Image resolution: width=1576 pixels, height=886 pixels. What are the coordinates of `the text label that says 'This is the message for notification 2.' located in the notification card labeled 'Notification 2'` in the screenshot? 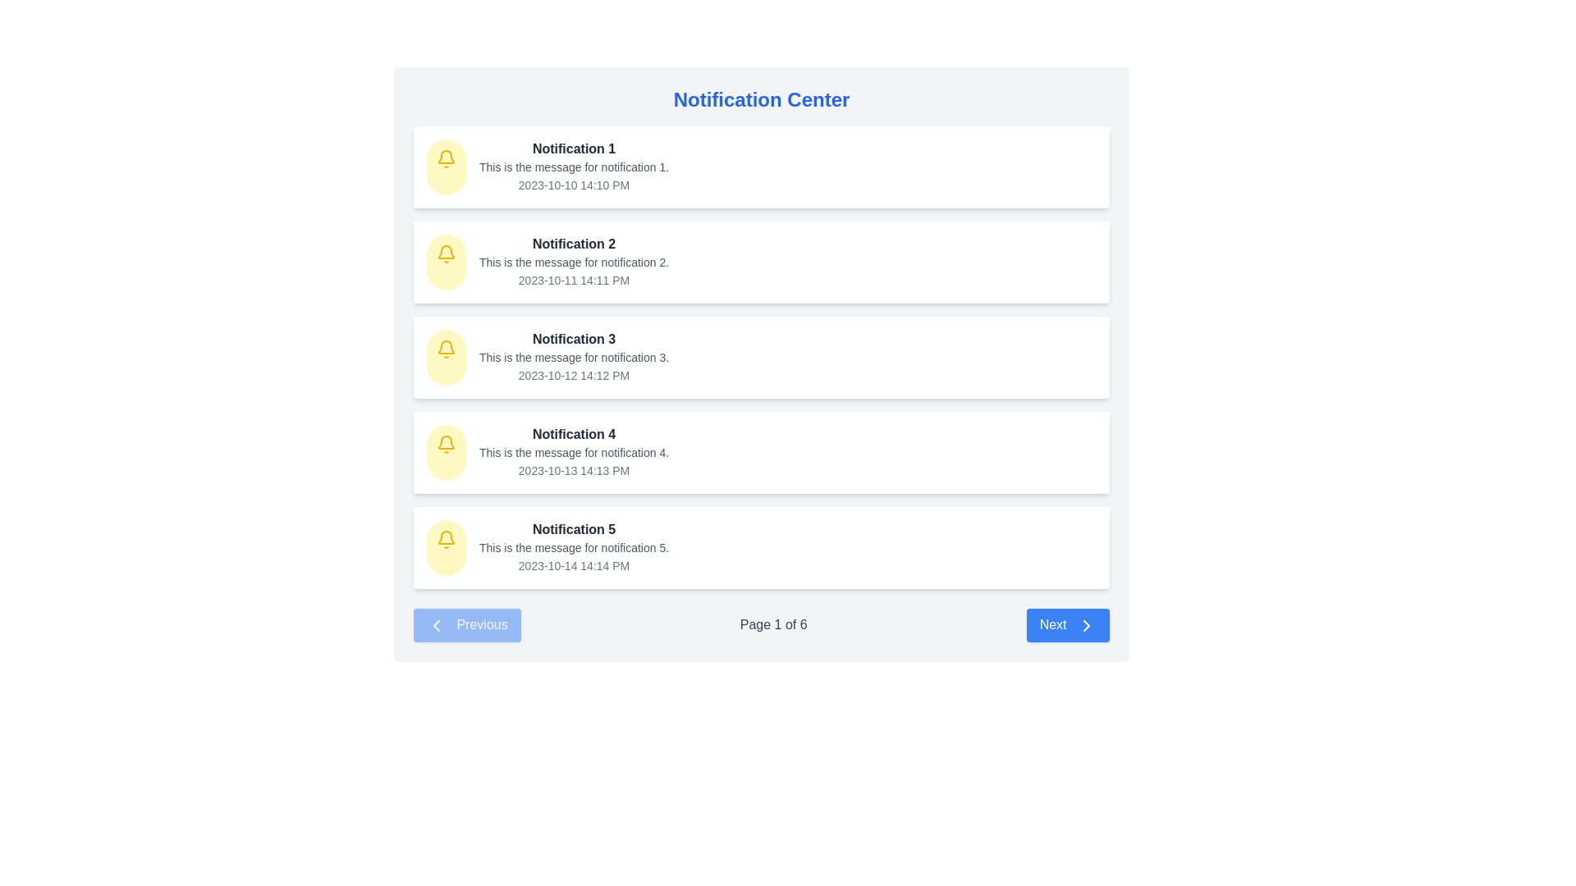 It's located at (574, 262).